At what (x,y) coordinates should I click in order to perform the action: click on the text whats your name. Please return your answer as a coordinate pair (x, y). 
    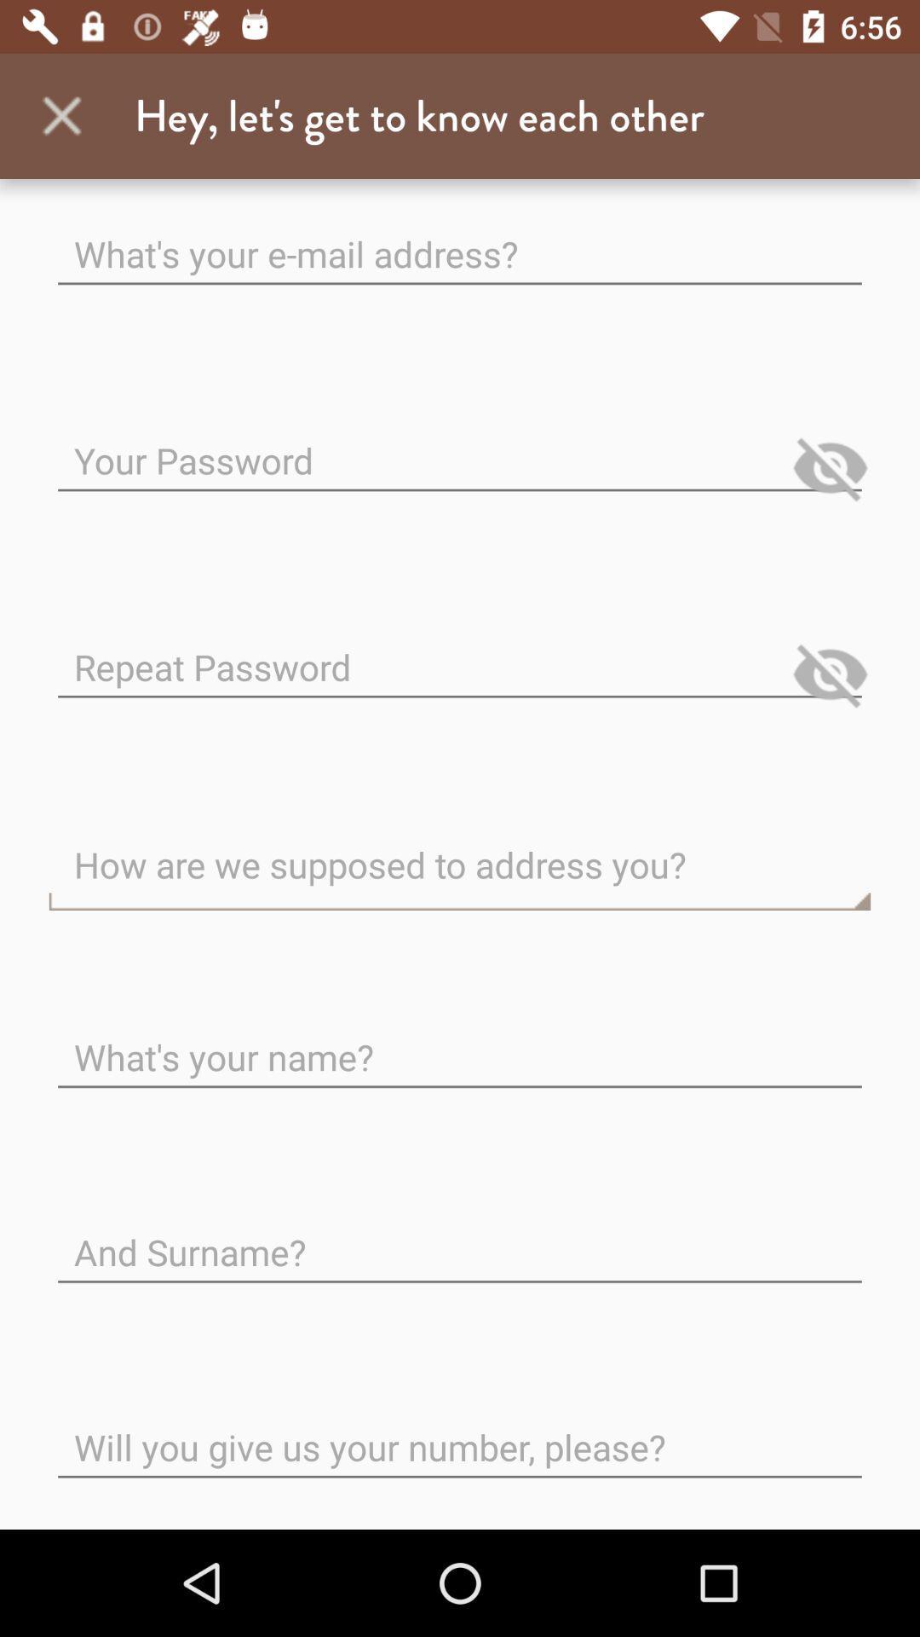
    Looking at the image, I should click on (460, 1043).